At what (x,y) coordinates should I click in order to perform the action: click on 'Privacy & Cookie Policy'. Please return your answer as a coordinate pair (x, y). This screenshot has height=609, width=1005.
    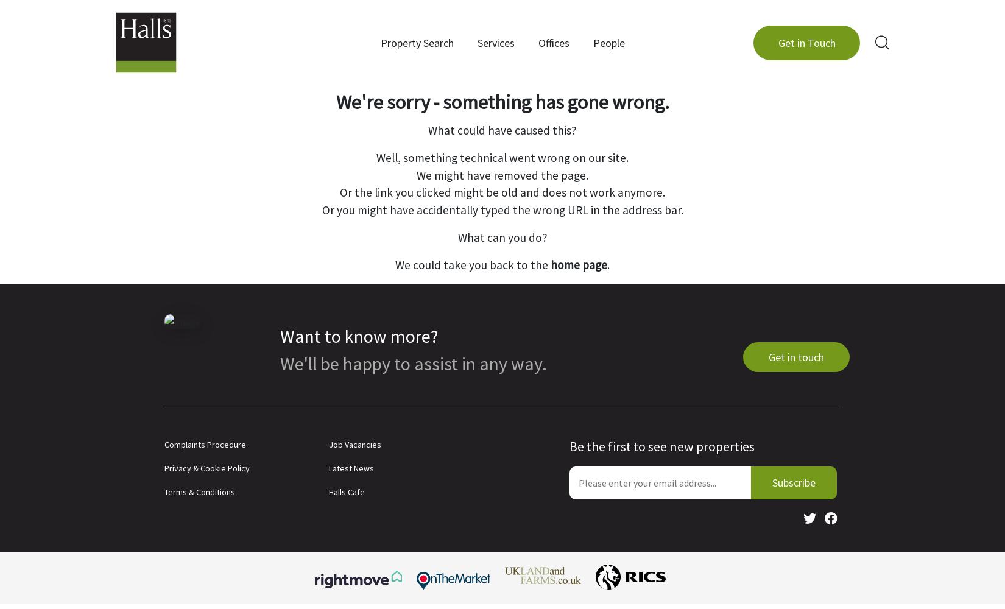
    Looking at the image, I should click on (207, 468).